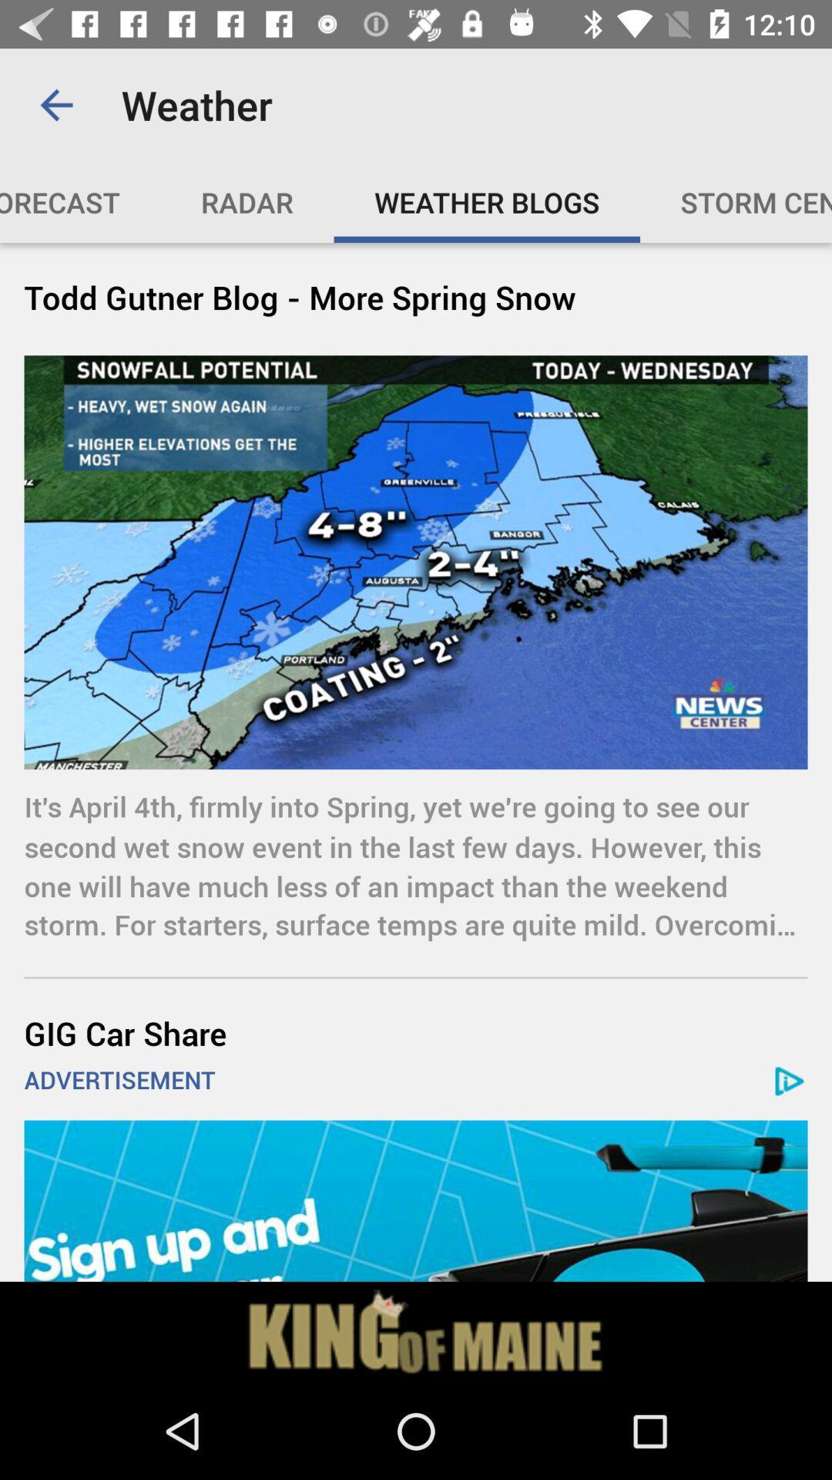 The image size is (832, 1480). I want to click on the item above the video forecast icon, so click(55, 104).